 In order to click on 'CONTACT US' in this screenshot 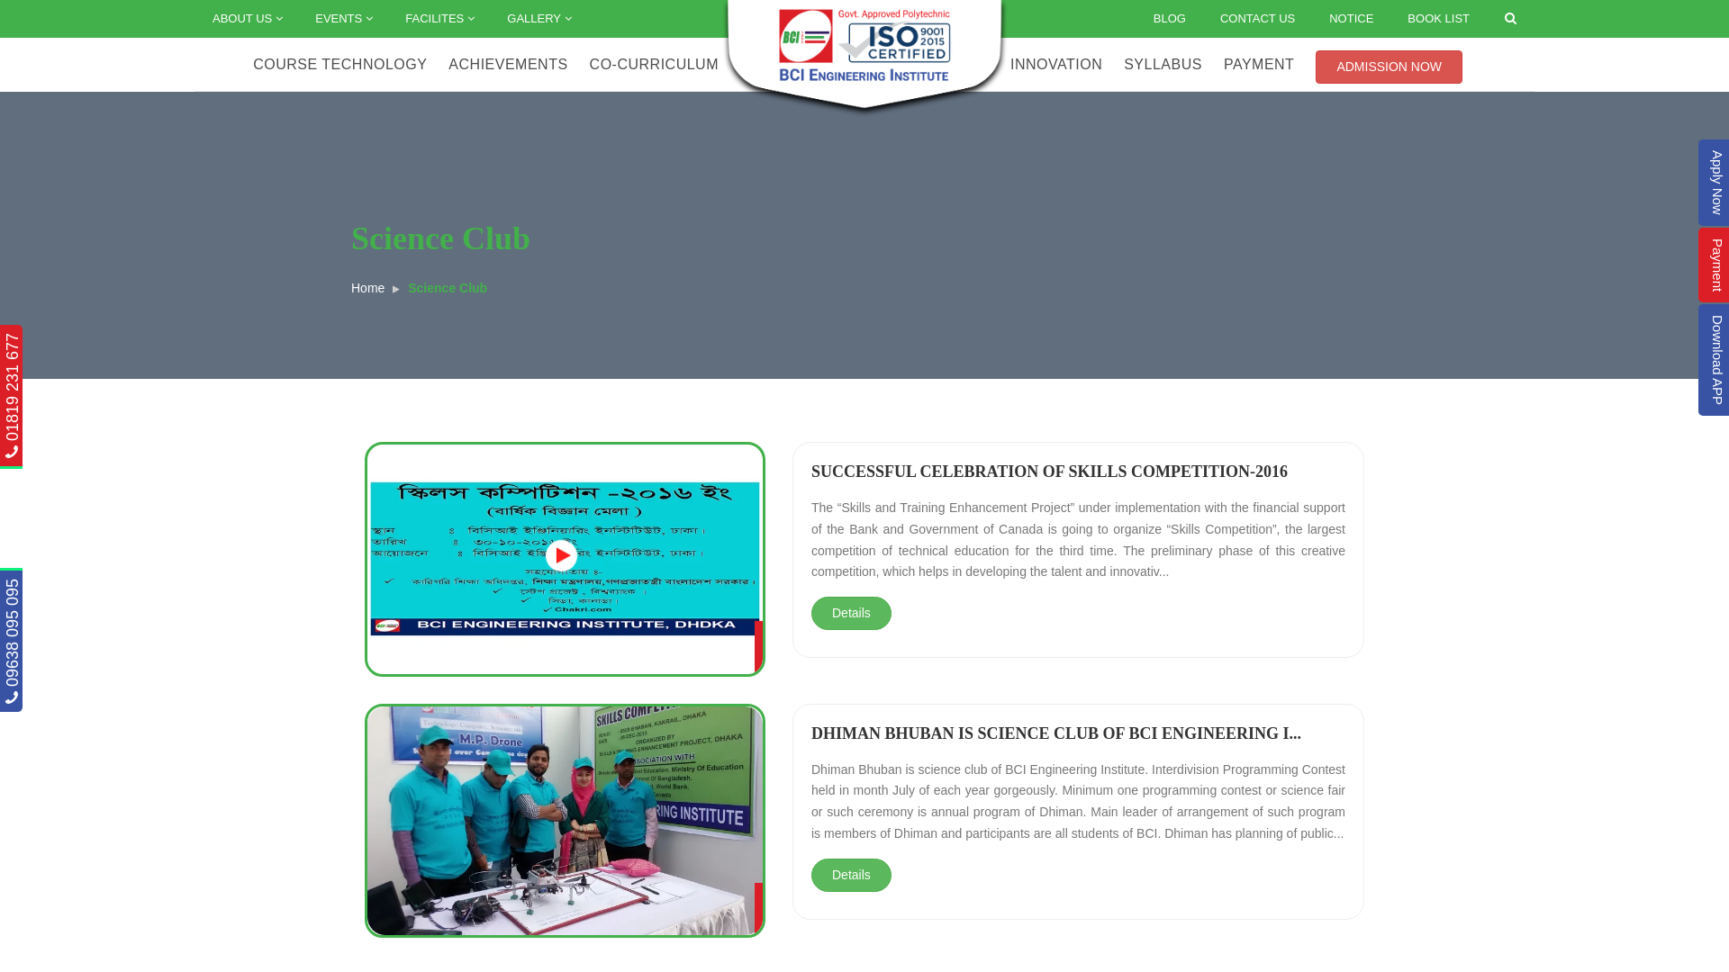, I will do `click(1256, 18)`.